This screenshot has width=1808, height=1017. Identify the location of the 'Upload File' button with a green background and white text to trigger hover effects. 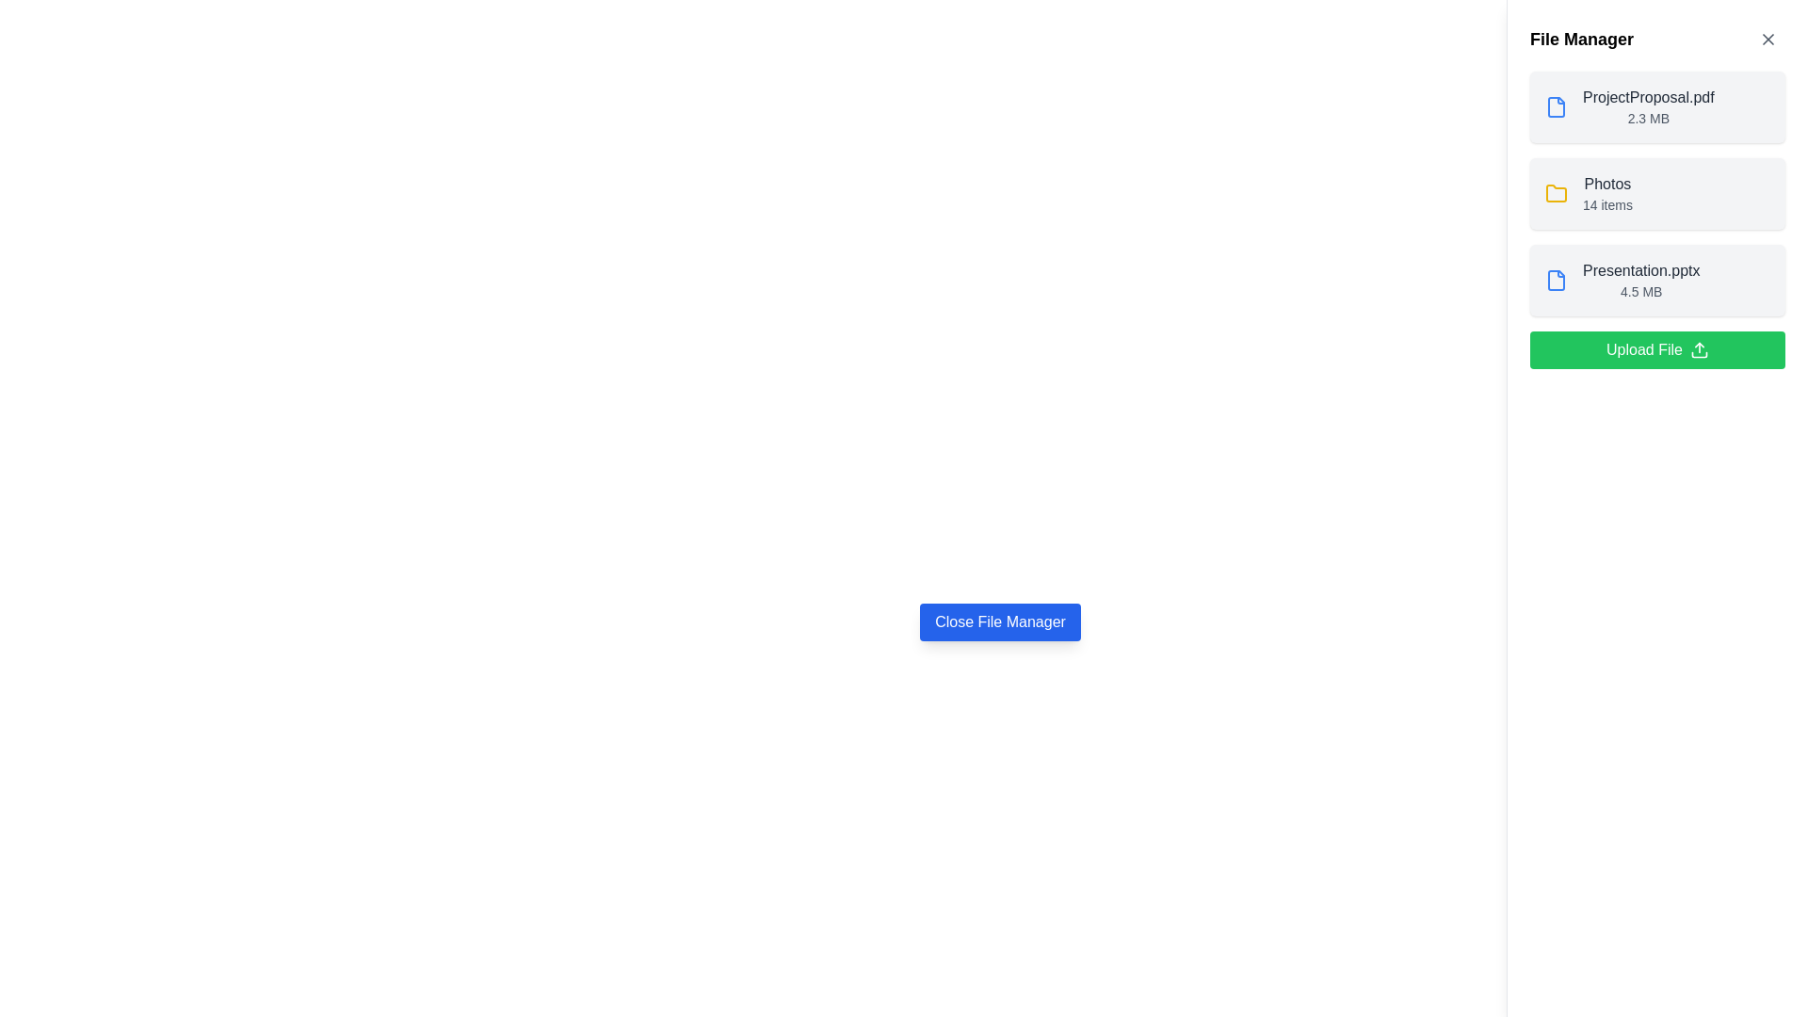
(1657, 349).